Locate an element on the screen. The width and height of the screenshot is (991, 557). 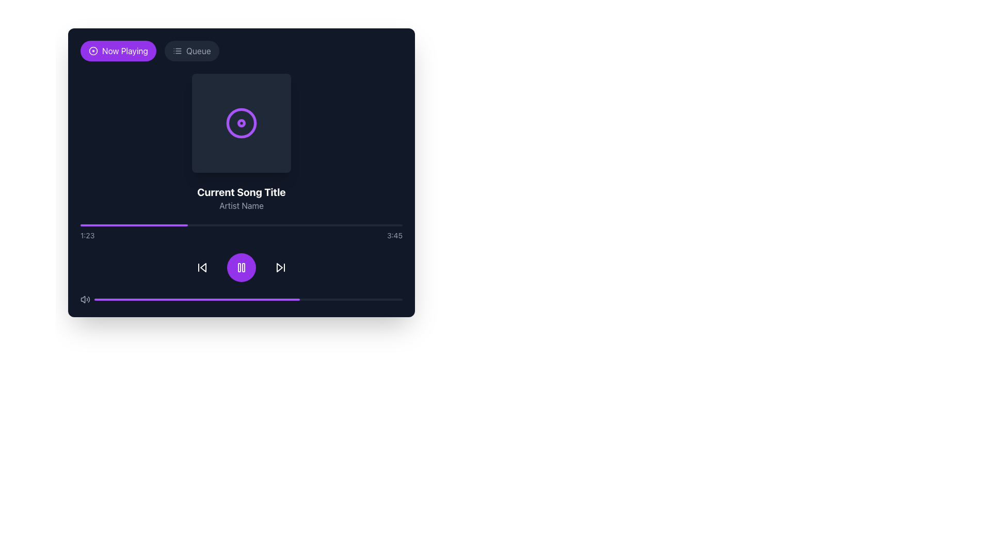
the left vertical bar of the pause icon button, which is a purple rectangular bar with rounded edges located centrally underneath the song title and artist name in the music interface is located at coordinates (239, 267).